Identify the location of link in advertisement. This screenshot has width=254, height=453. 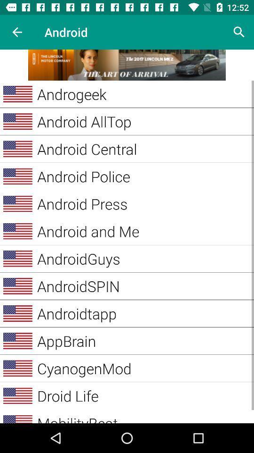
(127, 64).